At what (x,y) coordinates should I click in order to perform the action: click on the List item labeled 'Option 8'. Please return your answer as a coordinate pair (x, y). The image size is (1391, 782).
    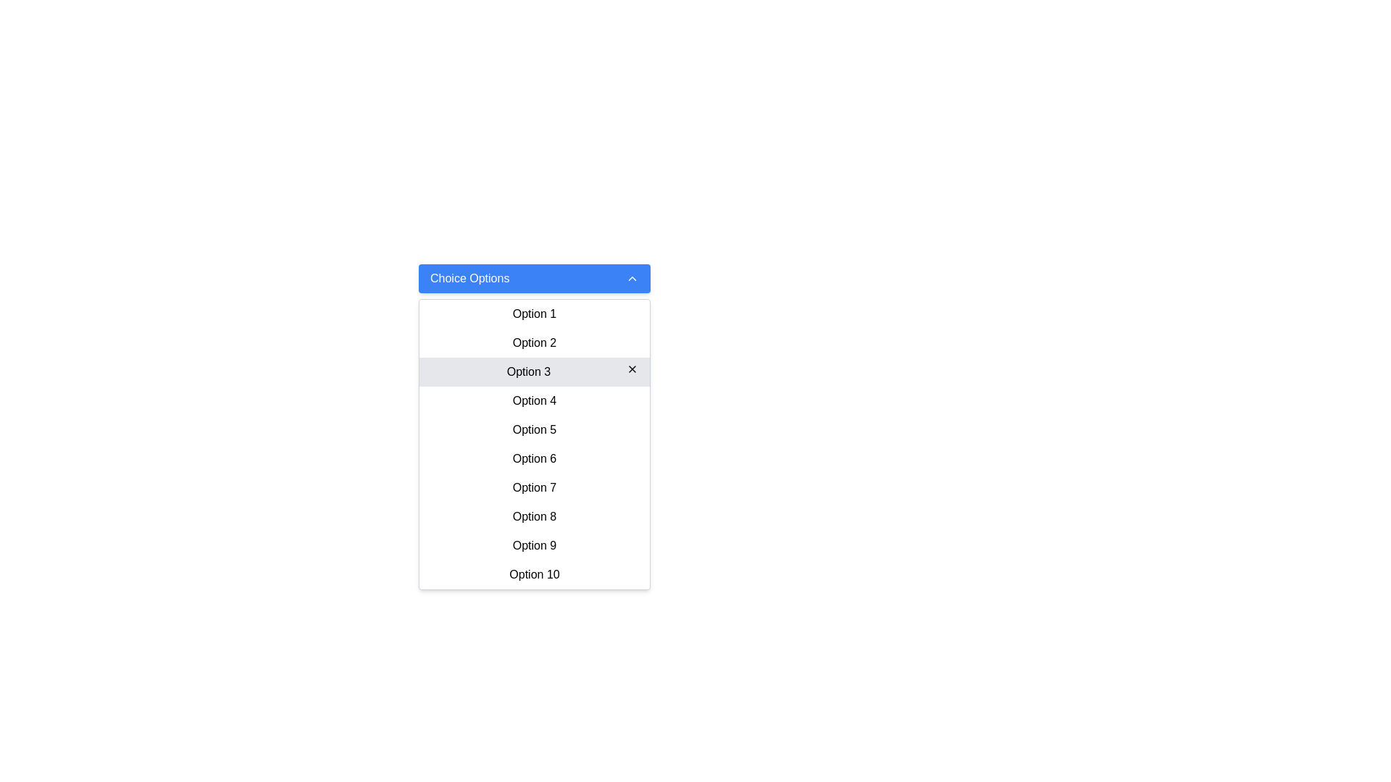
    Looking at the image, I should click on (534, 516).